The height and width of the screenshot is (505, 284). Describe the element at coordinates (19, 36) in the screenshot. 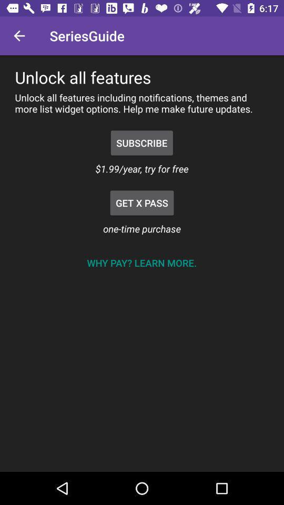

I see `the item above the unlock all features item` at that location.